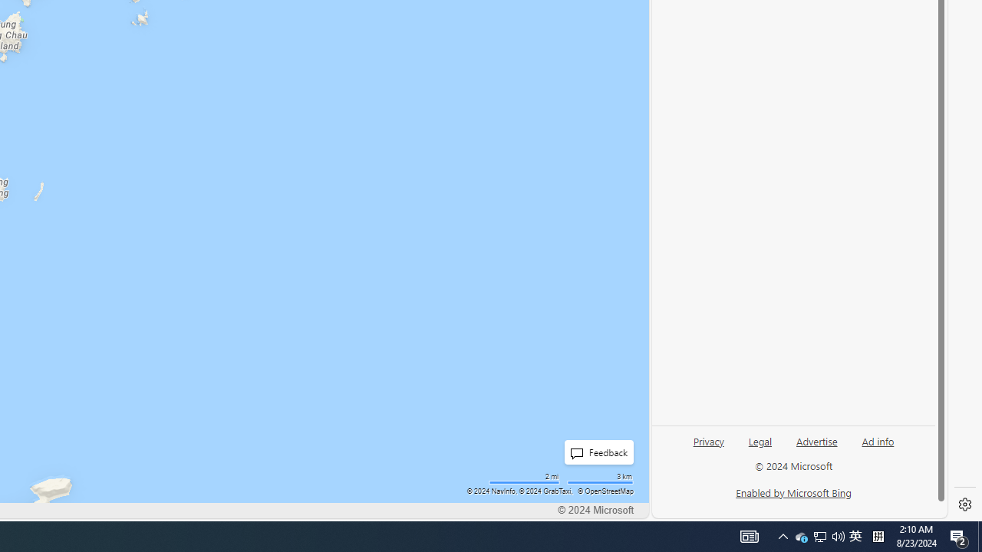 Image resolution: width=982 pixels, height=552 pixels. I want to click on 'Settings', so click(964, 504).